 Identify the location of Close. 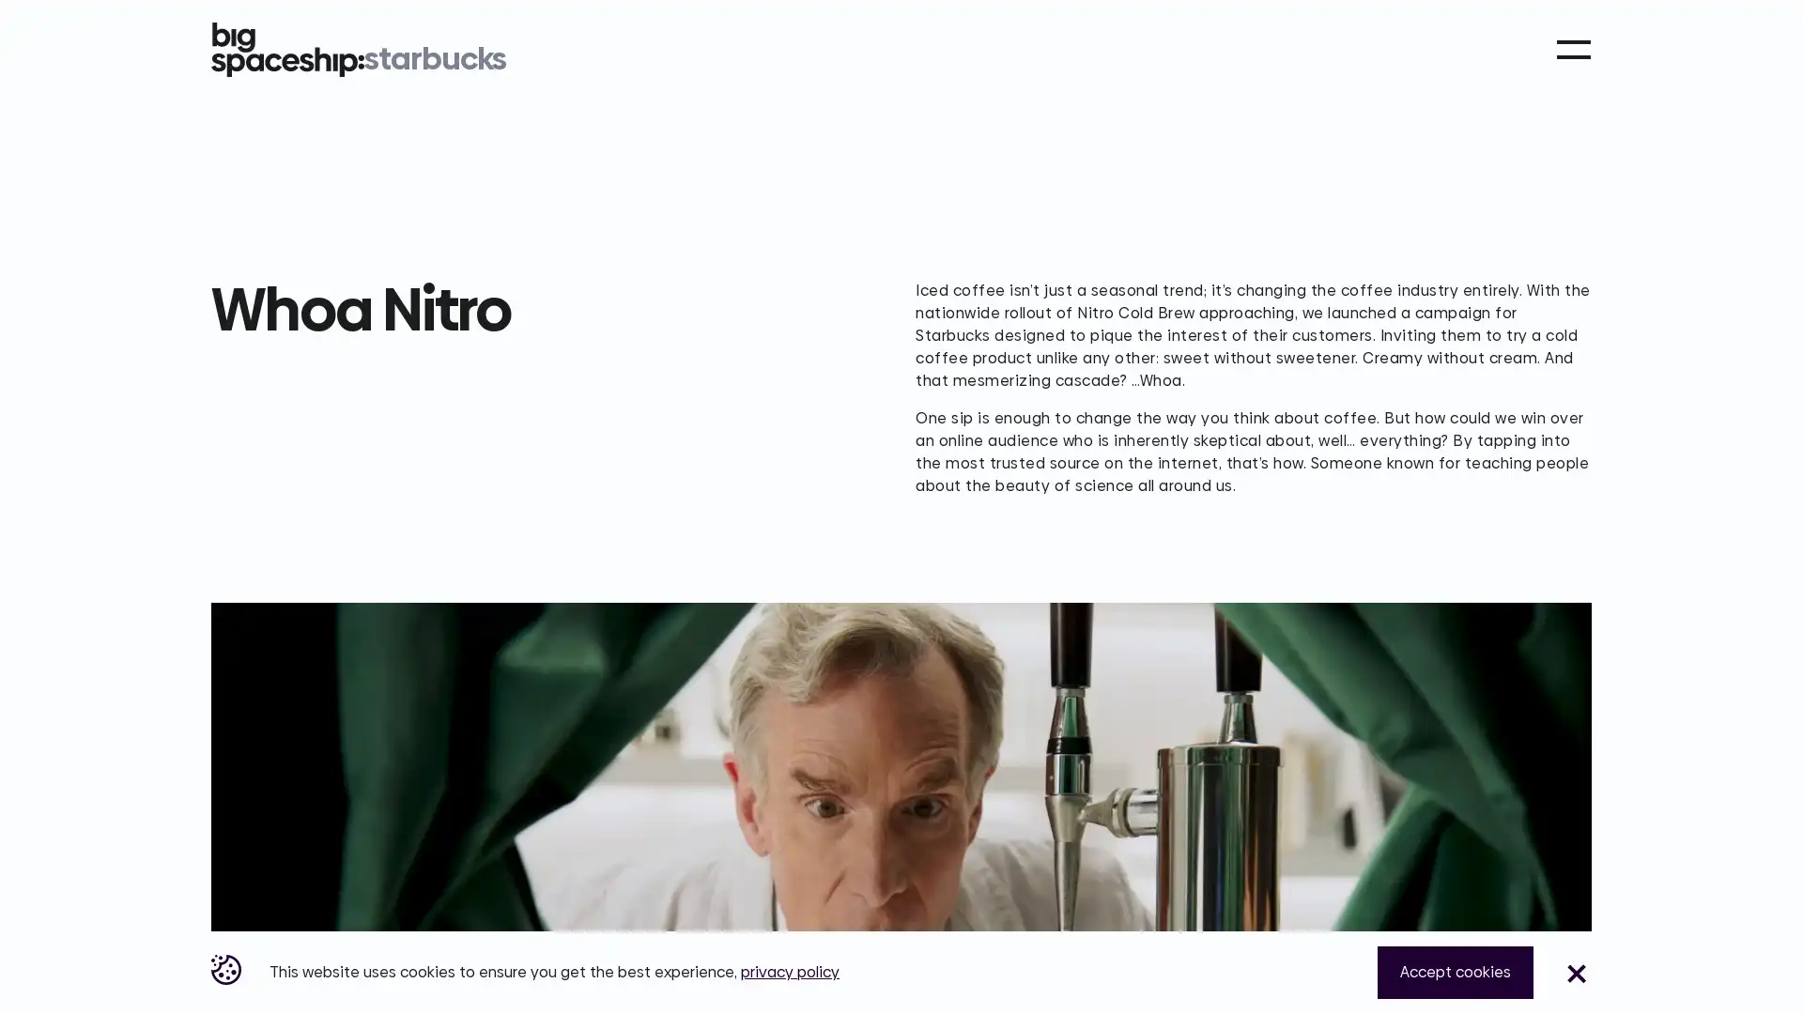
(1577, 973).